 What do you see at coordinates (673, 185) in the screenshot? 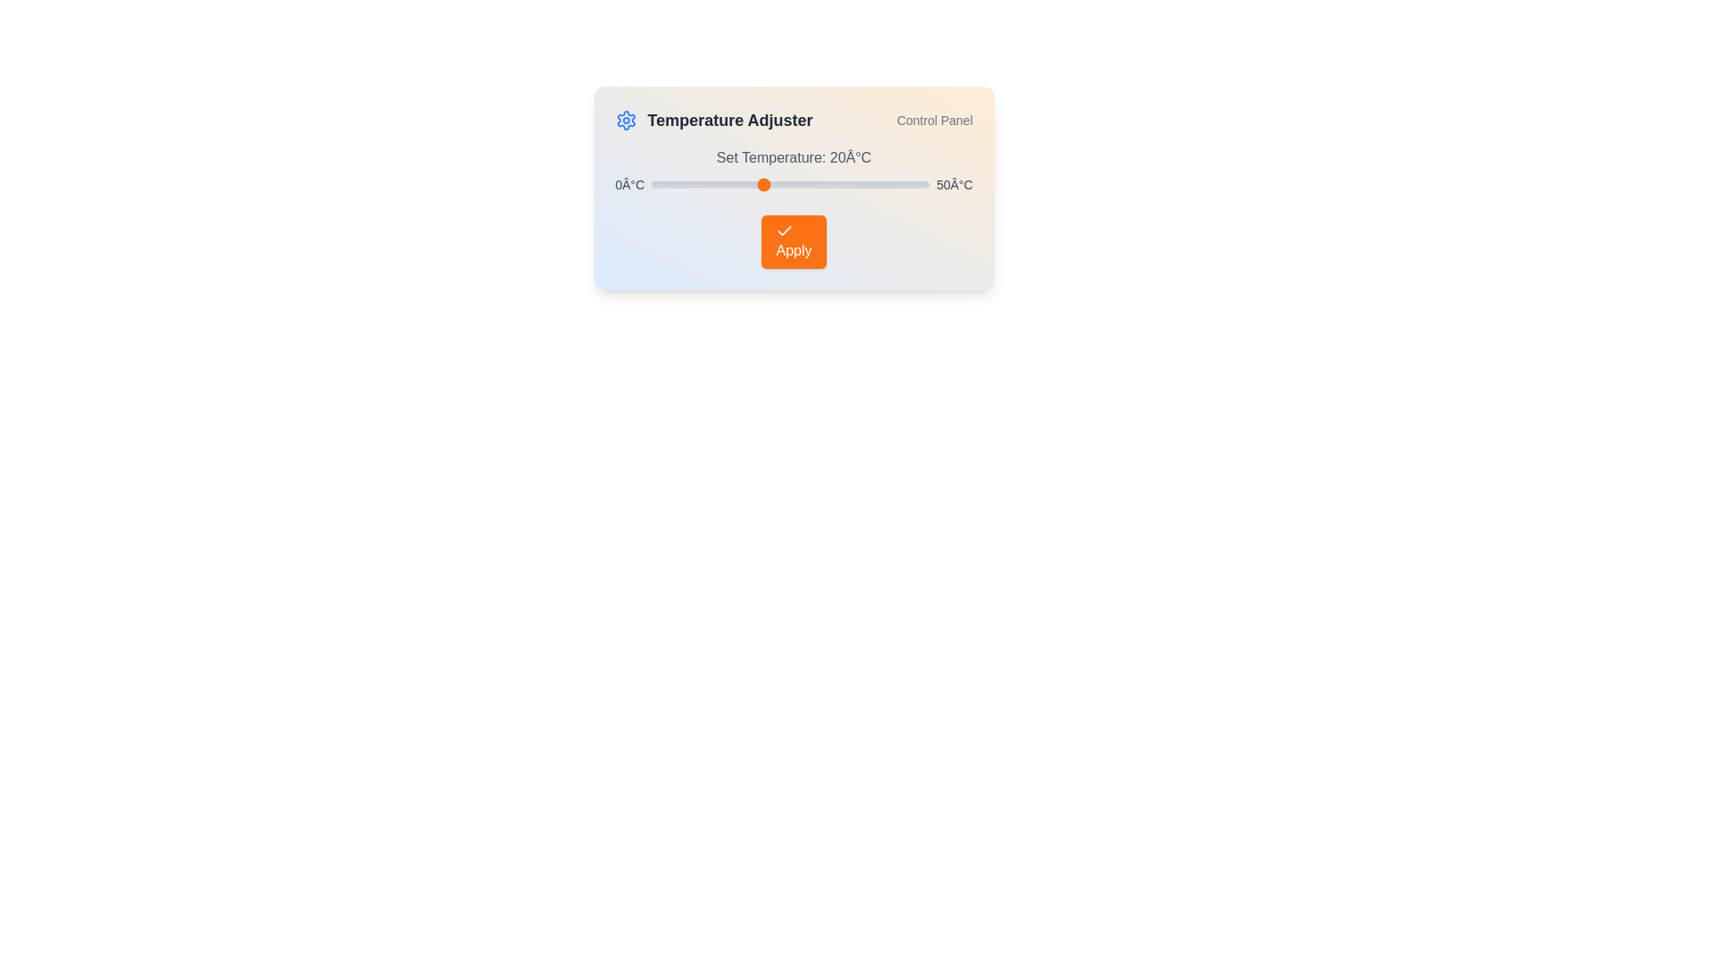
I see `the temperature slider to set the temperature to 4°C` at bounding box center [673, 185].